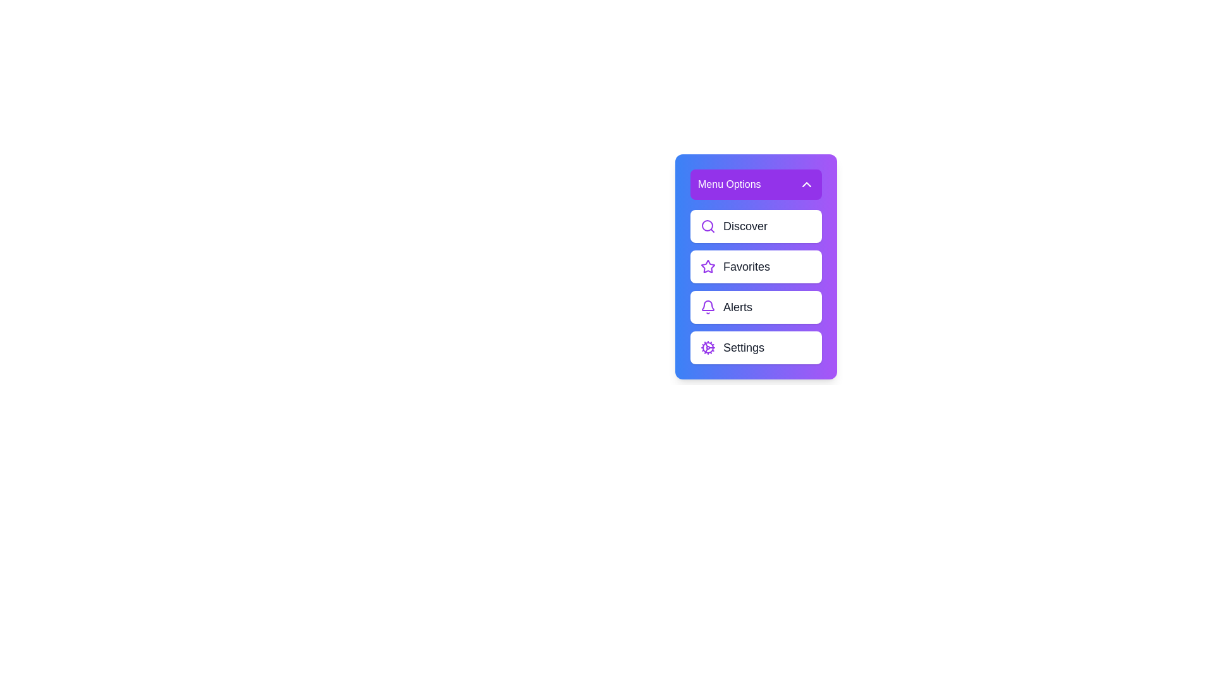  I want to click on the 'Discover' icon located to the left of the text 'Discover' in the menu list, so click(707, 226).